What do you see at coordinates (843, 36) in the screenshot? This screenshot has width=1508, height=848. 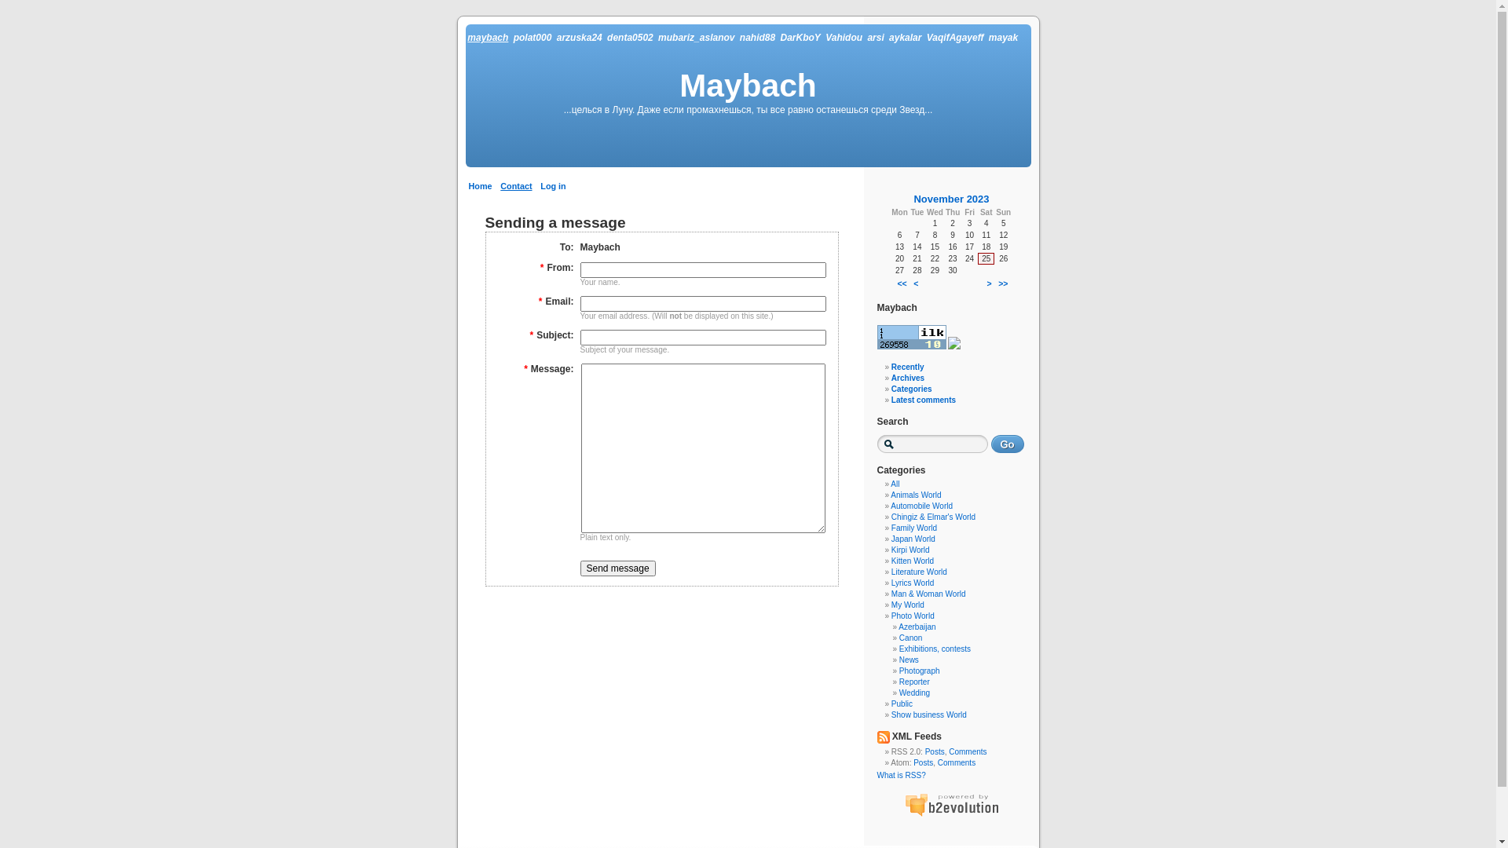 I see `'Vahidou'` at bounding box center [843, 36].